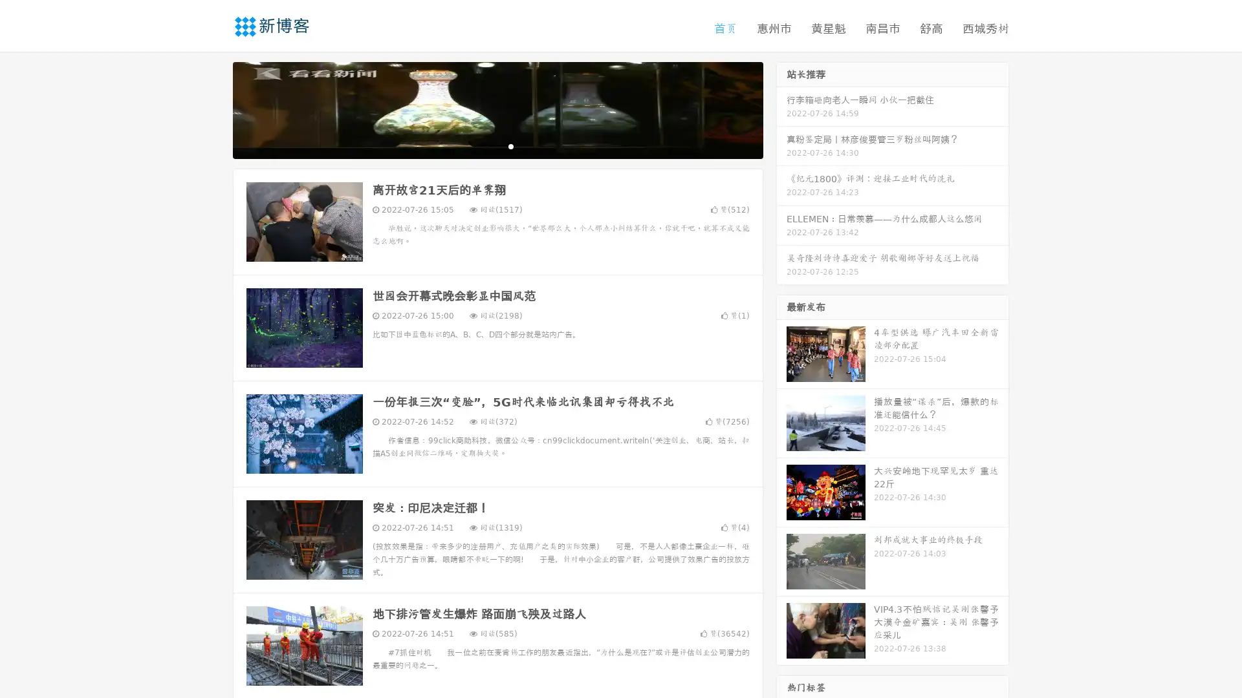 Image resolution: width=1242 pixels, height=698 pixels. Describe the element at coordinates (781, 109) in the screenshot. I see `Next slide` at that location.